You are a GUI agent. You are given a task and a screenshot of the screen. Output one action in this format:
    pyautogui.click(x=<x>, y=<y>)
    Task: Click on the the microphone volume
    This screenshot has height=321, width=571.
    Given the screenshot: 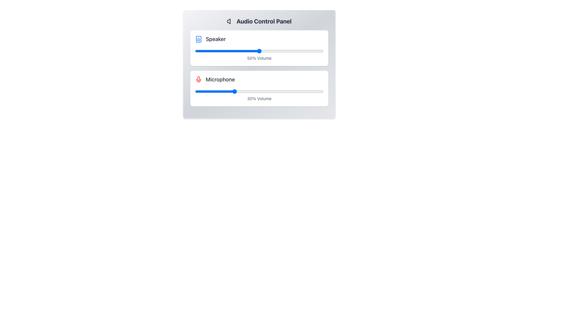 What is the action you would take?
    pyautogui.click(x=233, y=92)
    